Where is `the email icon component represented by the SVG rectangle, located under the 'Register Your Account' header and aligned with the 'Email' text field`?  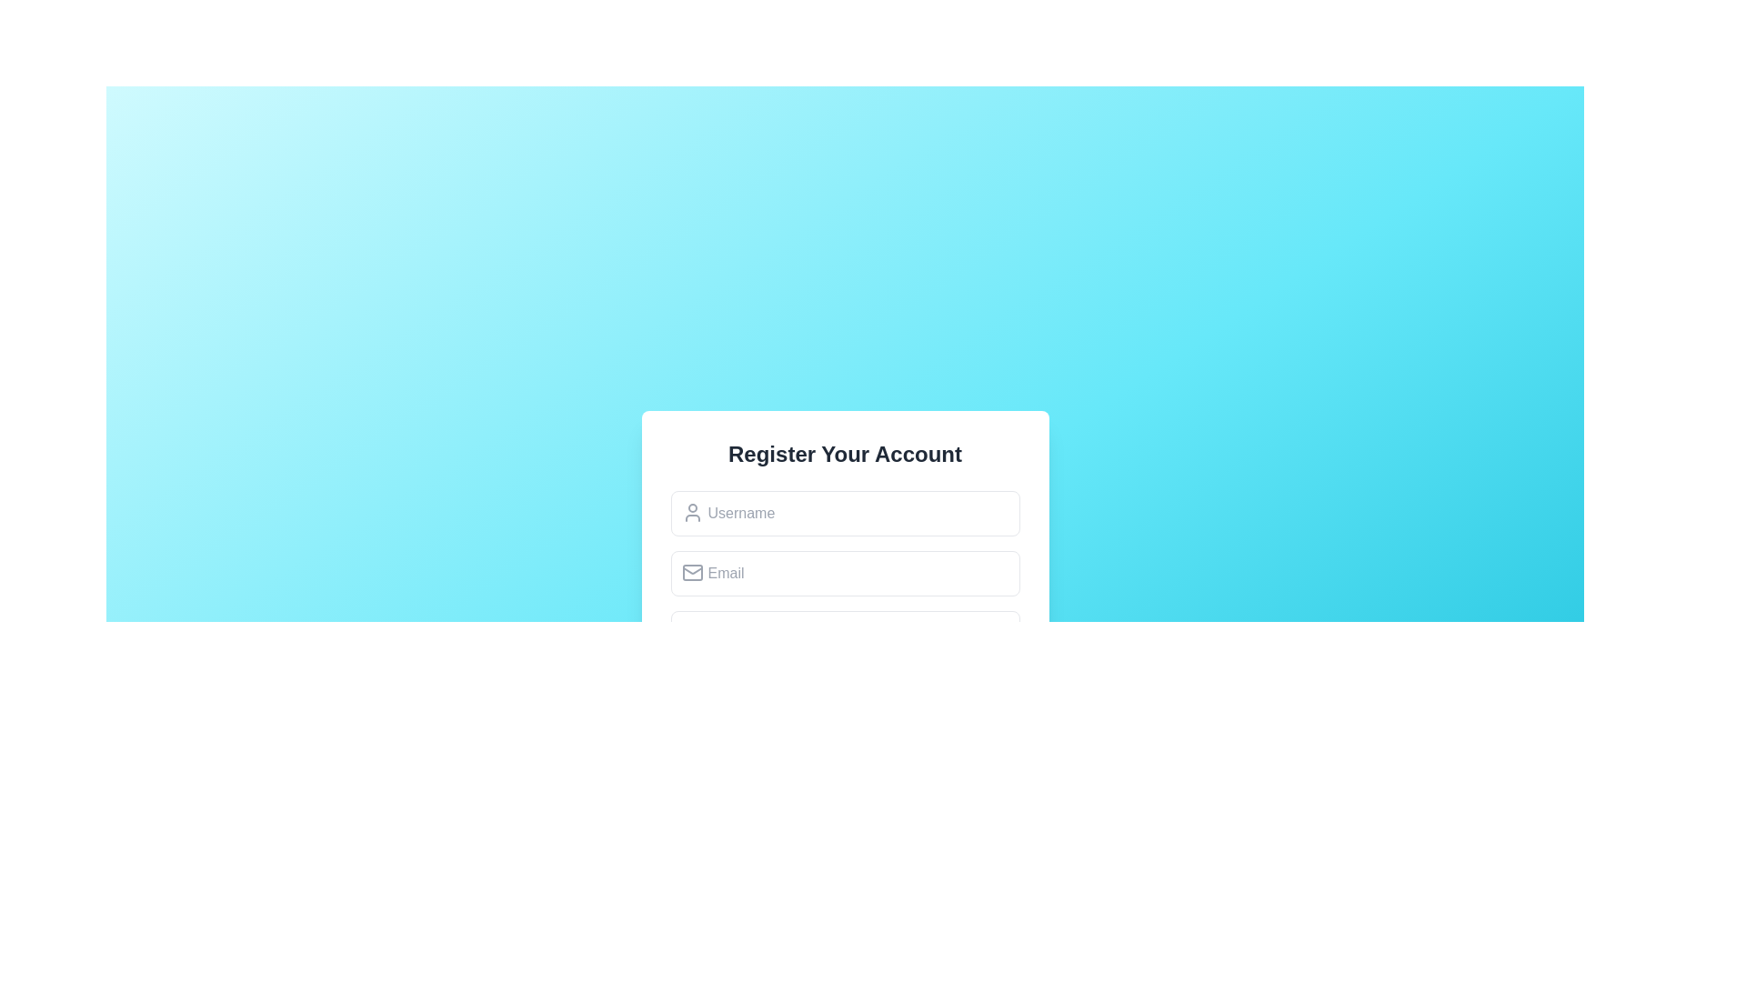 the email icon component represented by the SVG rectangle, located under the 'Register Your Account' header and aligned with the 'Email' text field is located at coordinates (691, 571).